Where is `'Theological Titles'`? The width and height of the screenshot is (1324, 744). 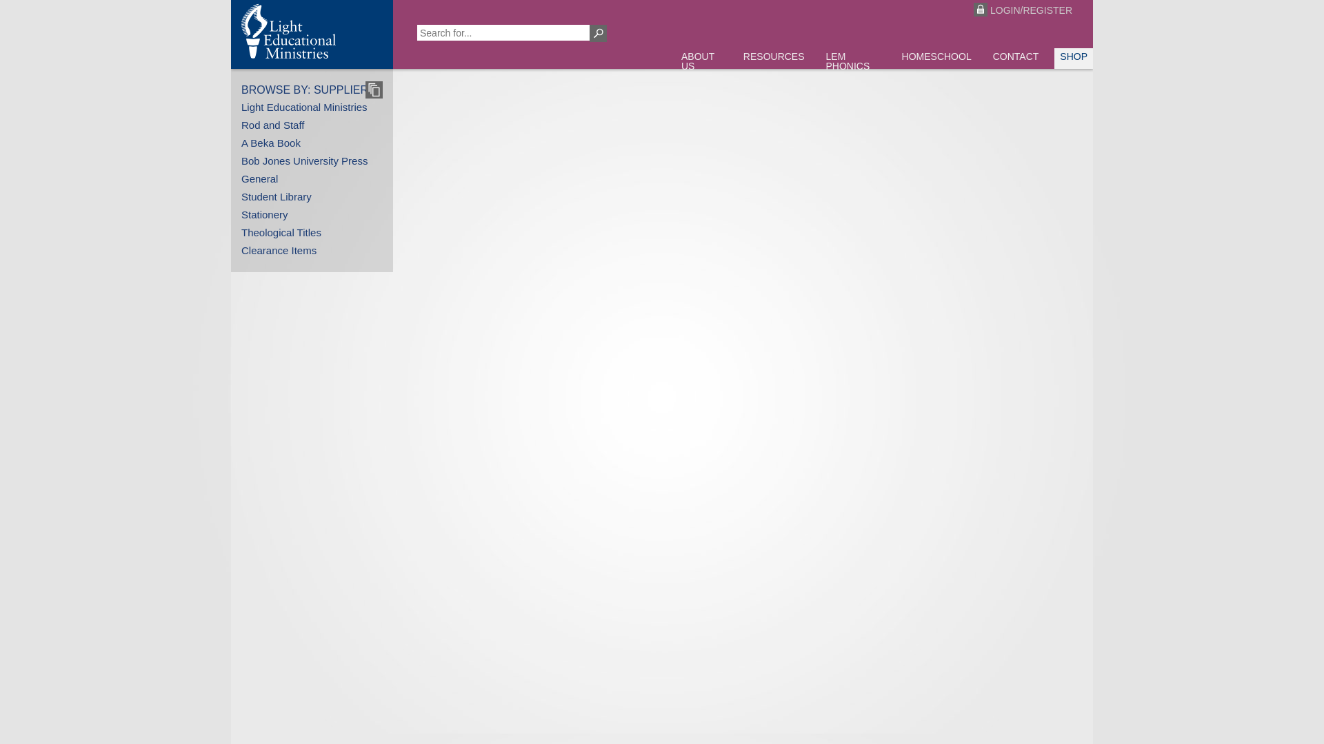
'Theological Titles' is located at coordinates (281, 231).